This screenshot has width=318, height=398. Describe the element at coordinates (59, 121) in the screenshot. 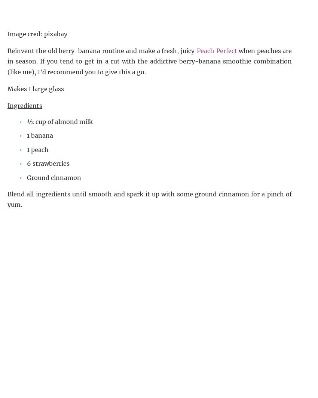

I see `'½ cup of almond milk'` at that location.